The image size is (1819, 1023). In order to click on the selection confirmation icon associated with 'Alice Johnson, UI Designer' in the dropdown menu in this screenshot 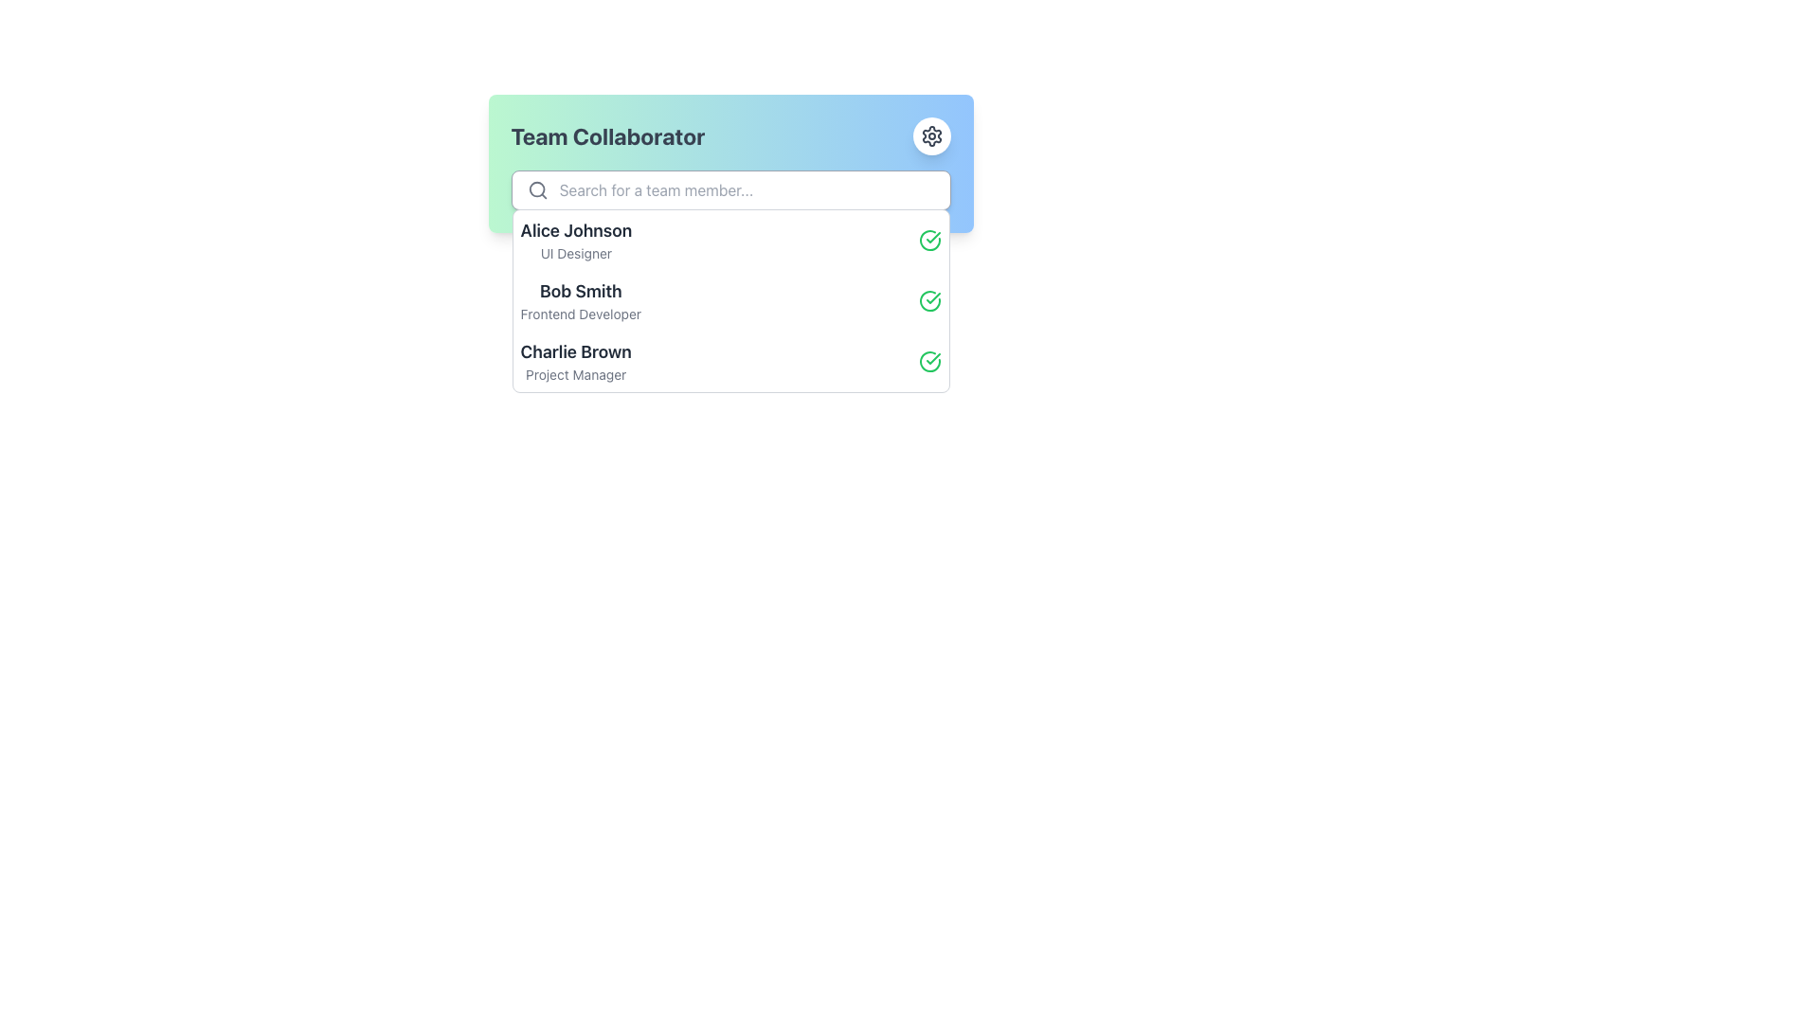, I will do `click(929, 240)`.